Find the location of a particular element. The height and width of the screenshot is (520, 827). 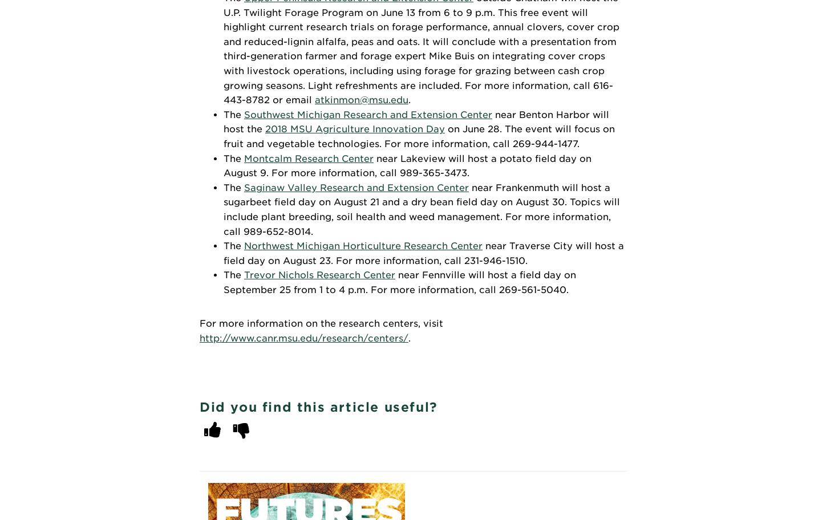

'Saginaw Valley Research and Extension Center' is located at coordinates (355, 187).